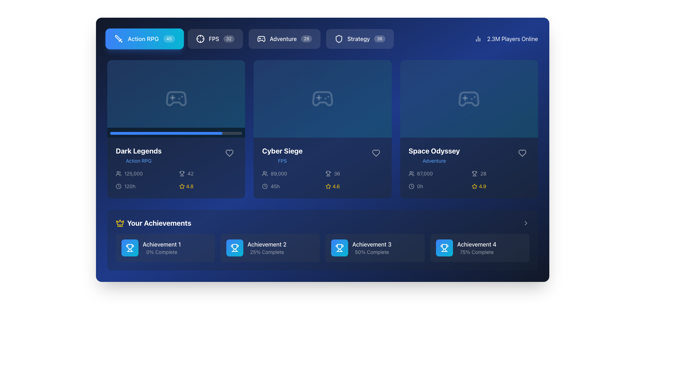 The image size is (680, 382). I want to click on the heart-shaped icon button in the upper right corner of the 'Dark Legends' card, so click(229, 152).